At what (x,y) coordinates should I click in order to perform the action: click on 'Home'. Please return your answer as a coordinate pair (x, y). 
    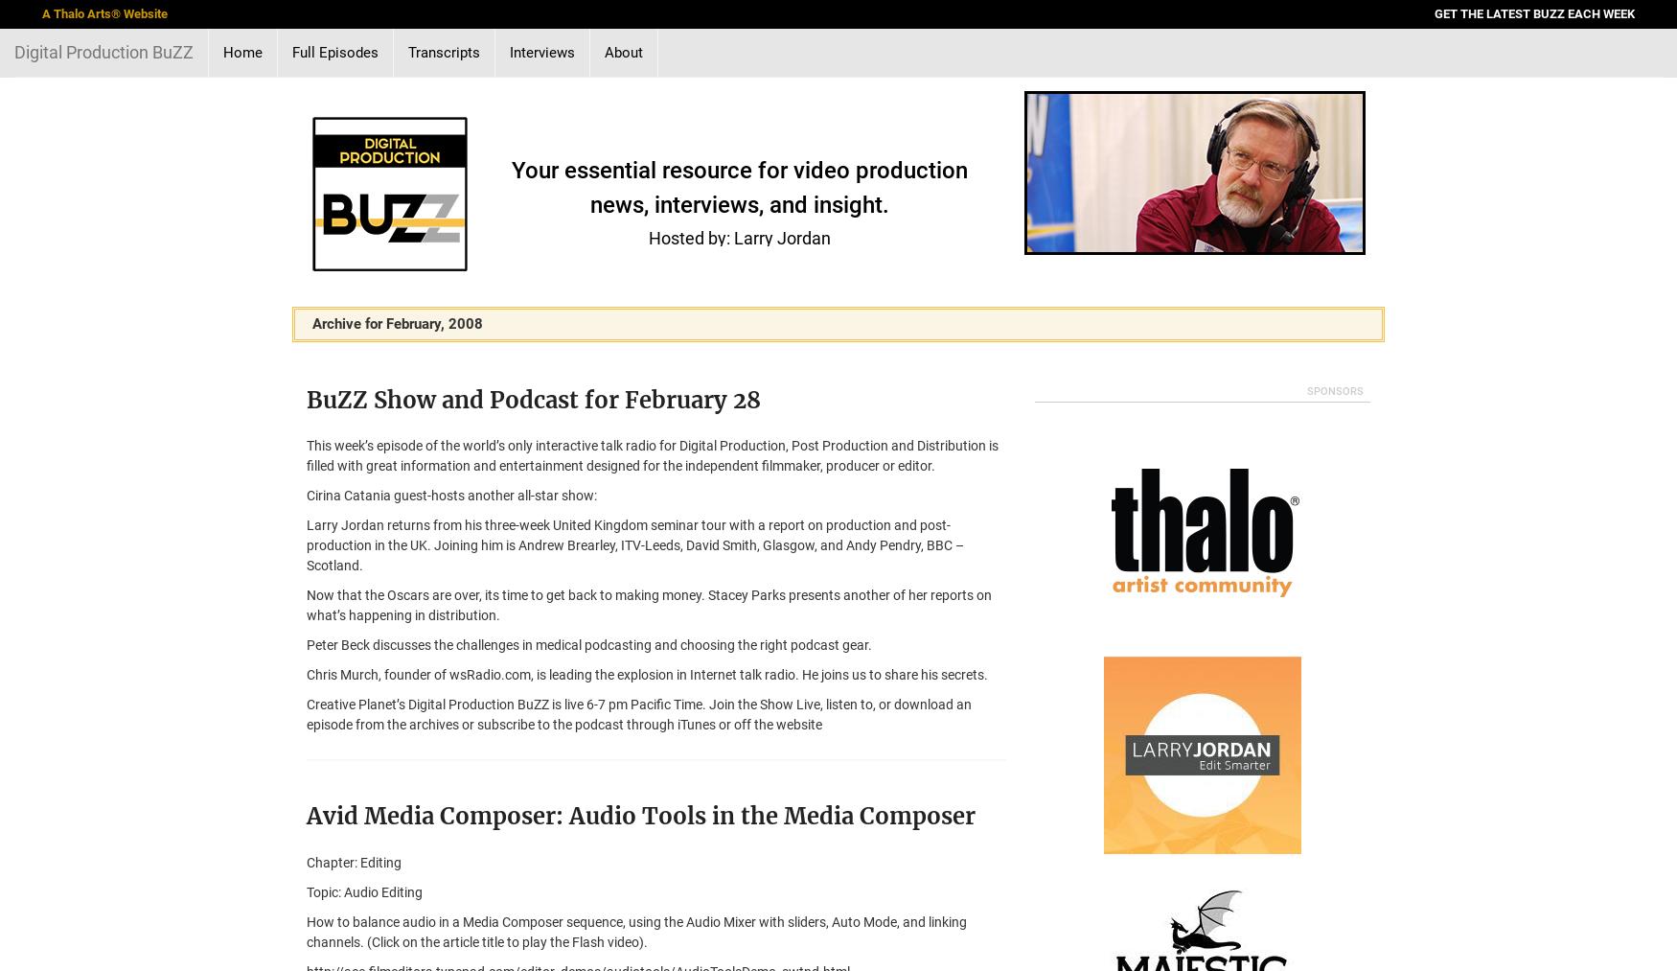
    Looking at the image, I should click on (241, 52).